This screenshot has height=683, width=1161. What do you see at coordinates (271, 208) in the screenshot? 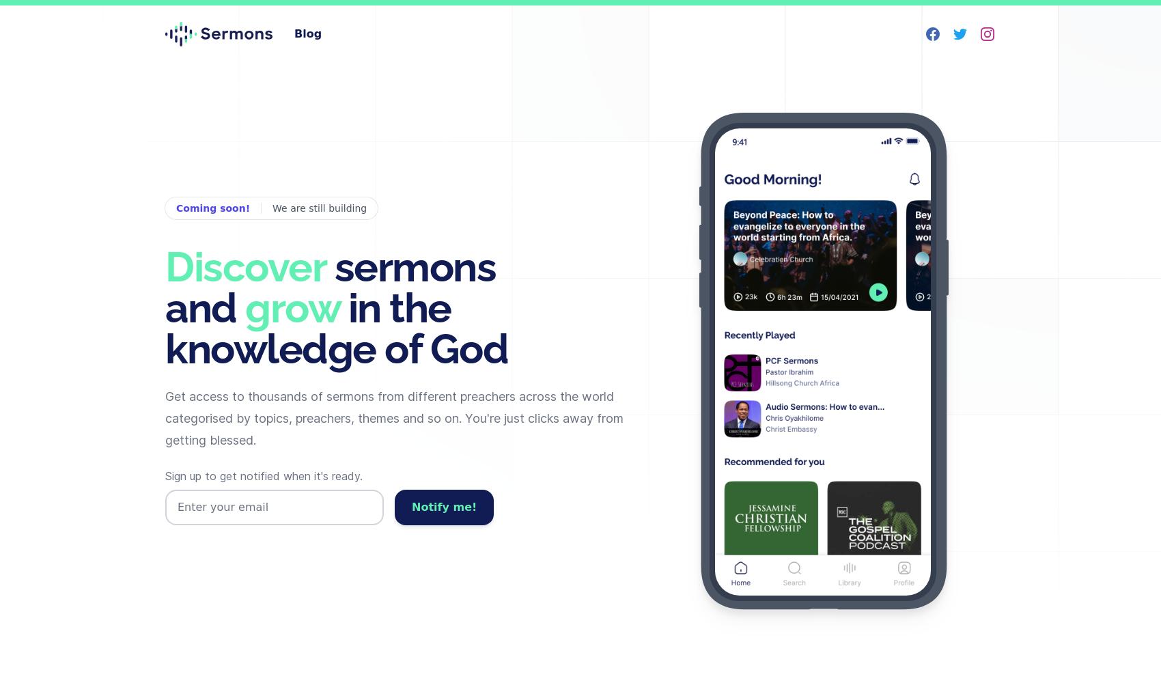
I see `'We are still building'` at bounding box center [271, 208].